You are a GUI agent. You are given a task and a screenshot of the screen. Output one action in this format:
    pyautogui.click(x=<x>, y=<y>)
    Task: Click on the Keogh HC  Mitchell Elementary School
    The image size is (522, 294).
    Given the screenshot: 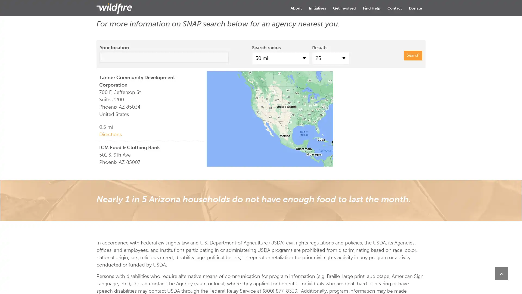 What is the action you would take?
    pyautogui.click(x=299, y=110)
    